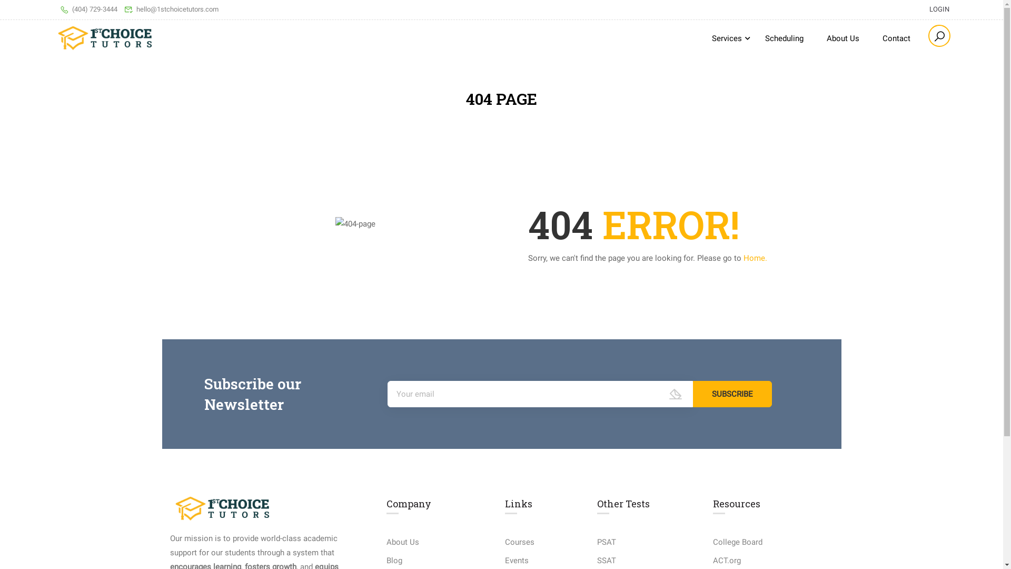 The width and height of the screenshot is (1011, 569). I want to click on 'ACT.org', so click(726, 560).